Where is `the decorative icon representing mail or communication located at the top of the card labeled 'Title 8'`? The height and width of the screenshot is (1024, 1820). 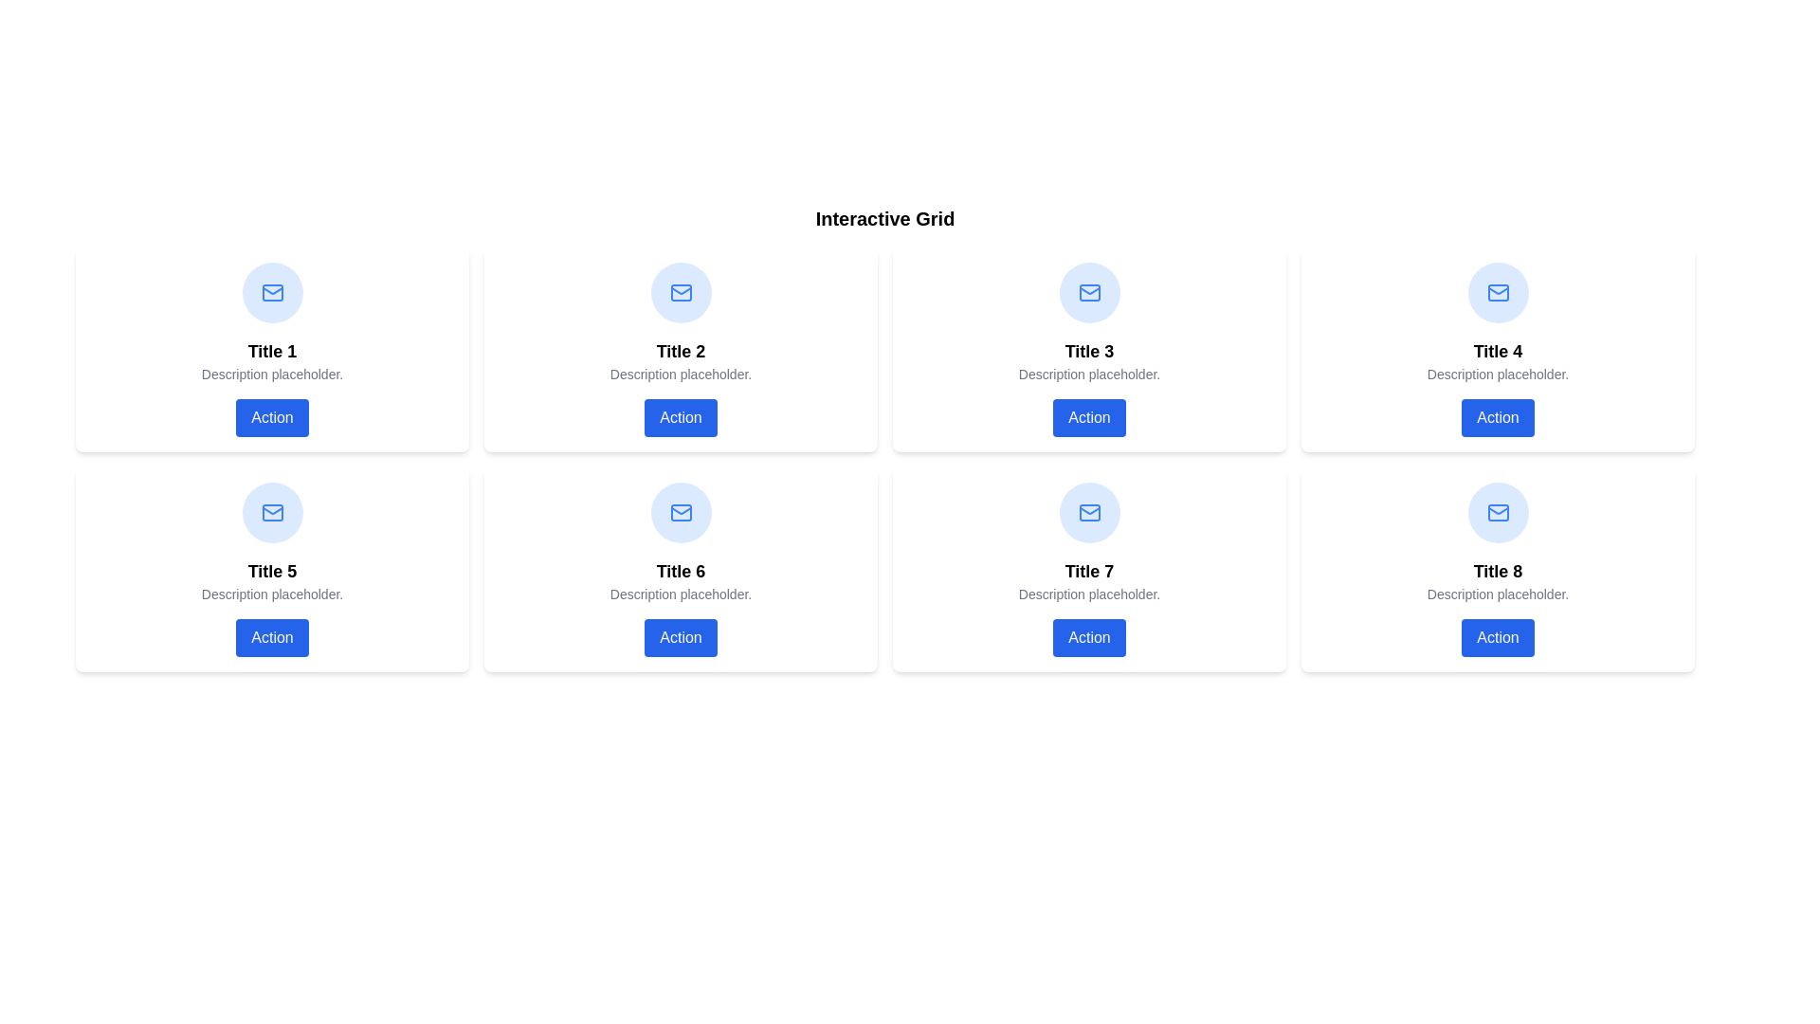
the decorative icon representing mail or communication located at the top of the card labeled 'Title 8' is located at coordinates (1497, 512).